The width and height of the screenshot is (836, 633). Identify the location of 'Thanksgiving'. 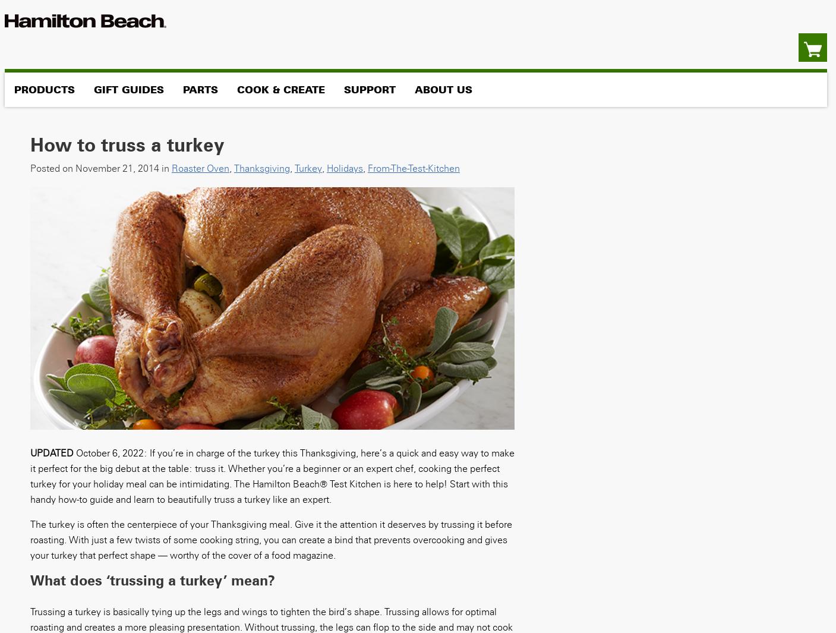
(260, 167).